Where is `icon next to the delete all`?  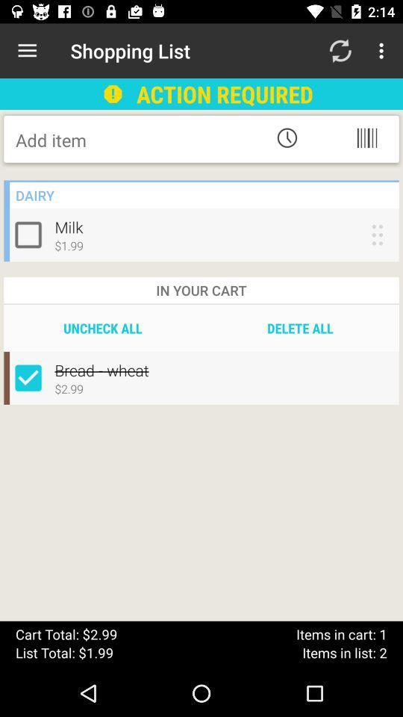 icon next to the delete all is located at coordinates (101, 328).